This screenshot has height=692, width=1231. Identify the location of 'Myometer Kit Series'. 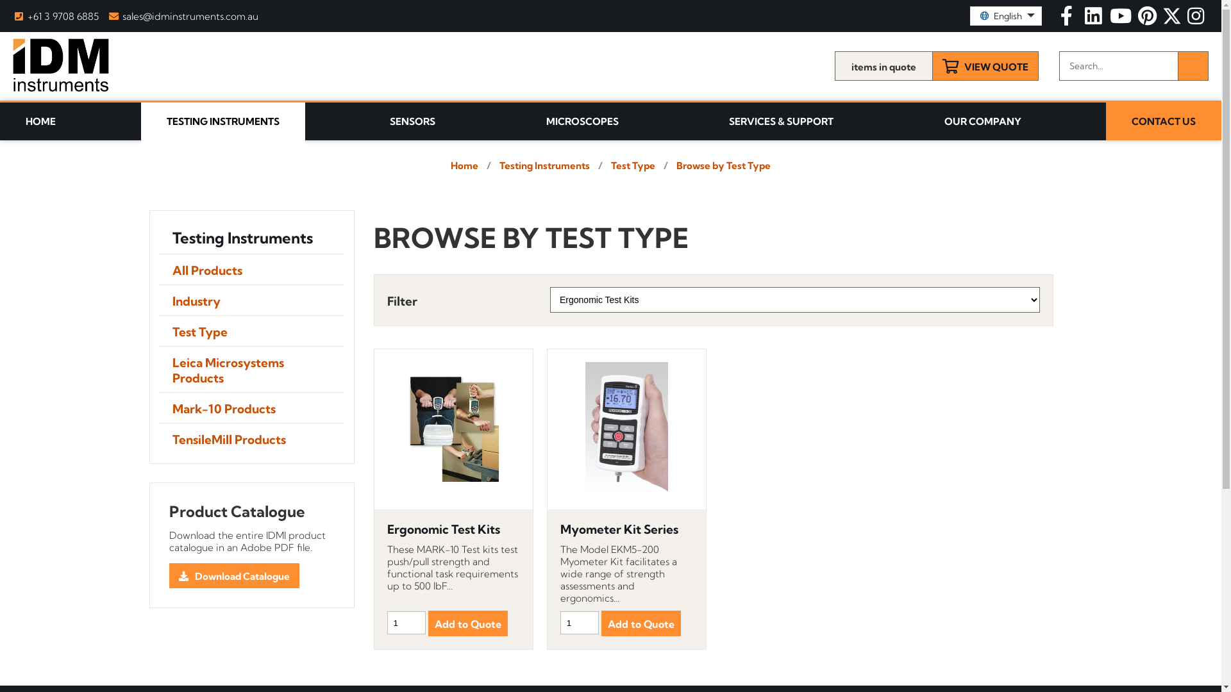
(626, 529).